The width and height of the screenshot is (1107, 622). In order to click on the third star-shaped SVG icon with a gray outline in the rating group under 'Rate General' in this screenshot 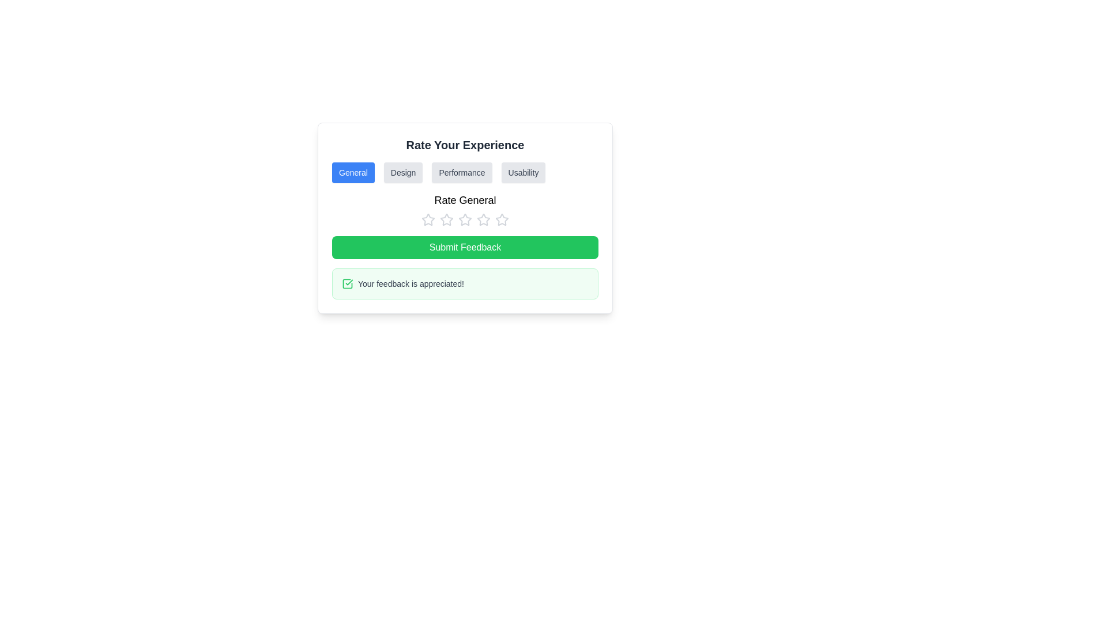, I will do `click(484, 219)`.